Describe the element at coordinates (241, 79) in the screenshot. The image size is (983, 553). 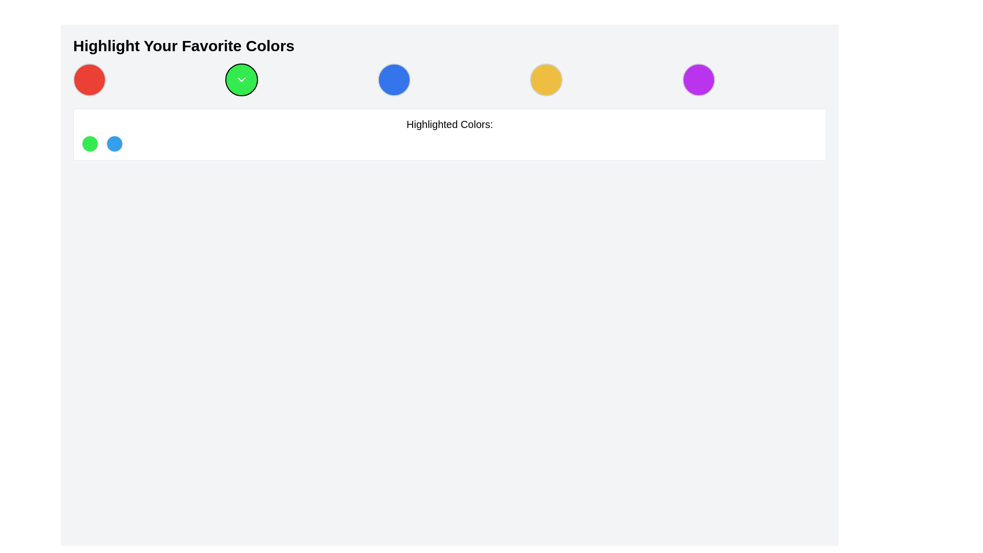
I see `the second circular button from the left, which has a green fill and is part of a row of five buttons at the top of the interface` at that location.